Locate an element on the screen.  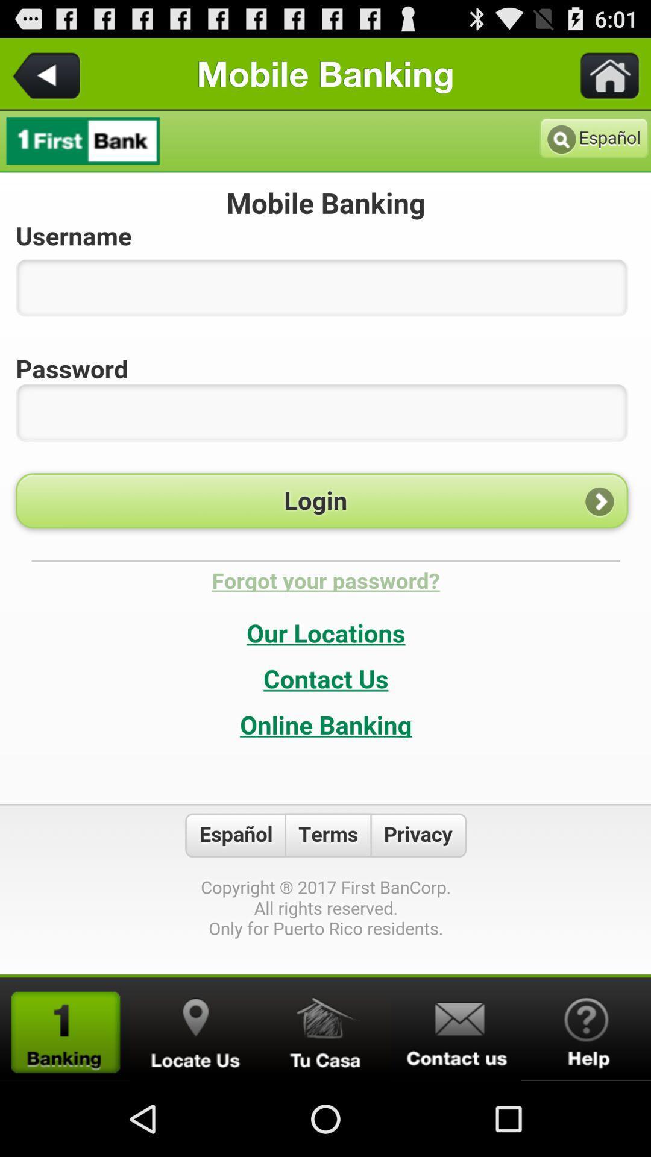
homepage is located at coordinates (65, 1029).